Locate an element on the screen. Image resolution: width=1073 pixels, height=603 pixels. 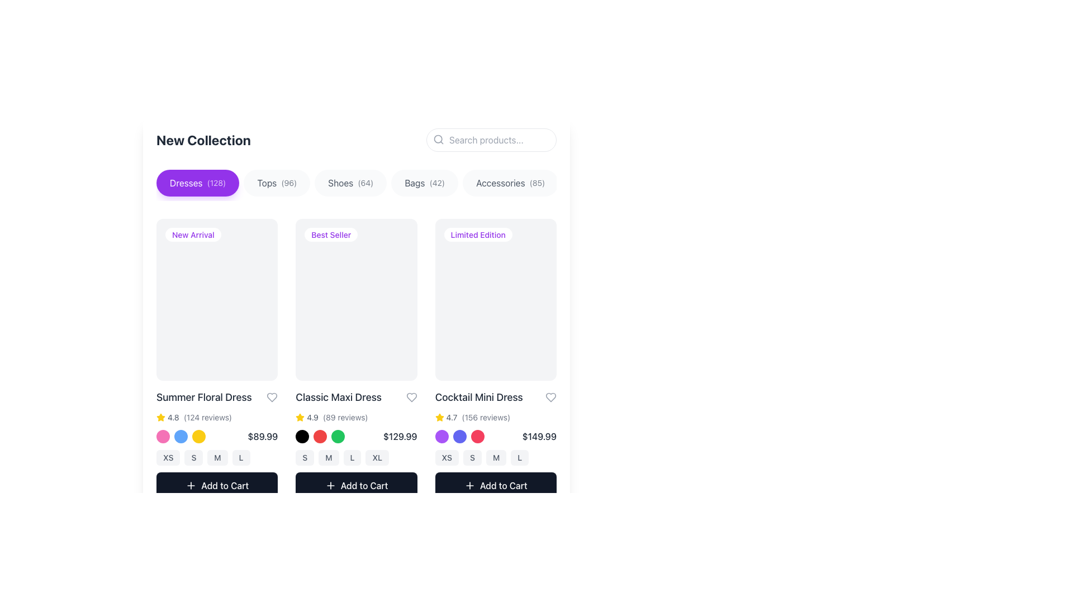
the Size selector buttons for the product 'Classic Maxi Dress' is located at coordinates (356, 457).